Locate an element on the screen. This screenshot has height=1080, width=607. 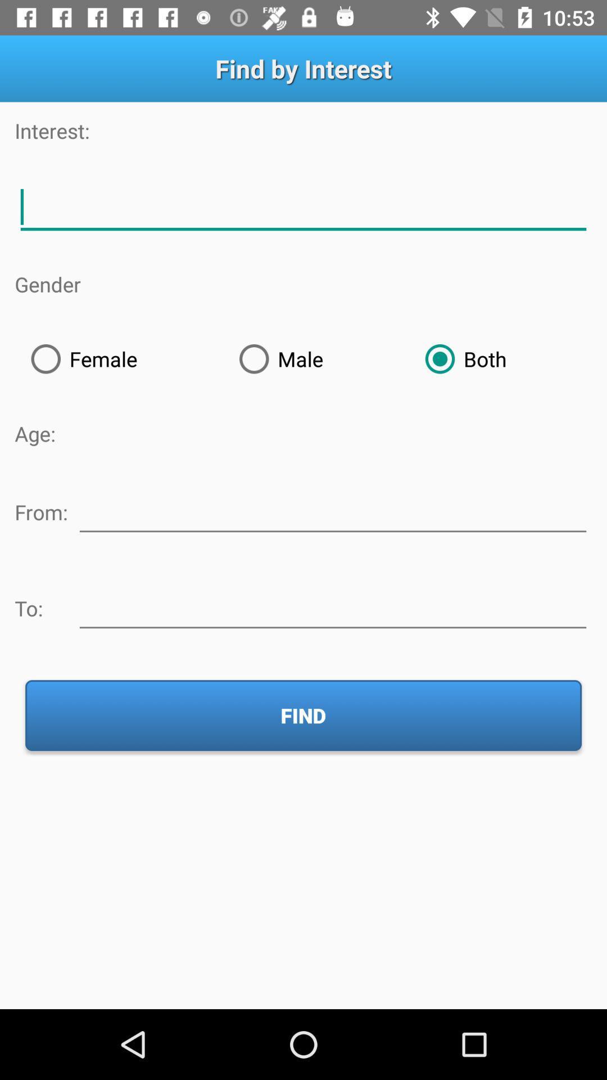
describe interests is located at coordinates (303, 208).